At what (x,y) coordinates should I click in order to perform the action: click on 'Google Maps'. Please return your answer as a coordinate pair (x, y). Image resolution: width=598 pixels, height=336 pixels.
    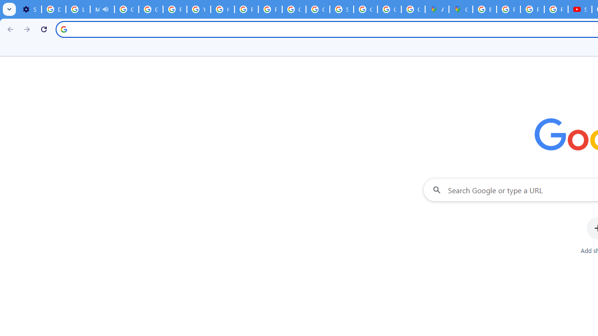
    Looking at the image, I should click on (461, 9).